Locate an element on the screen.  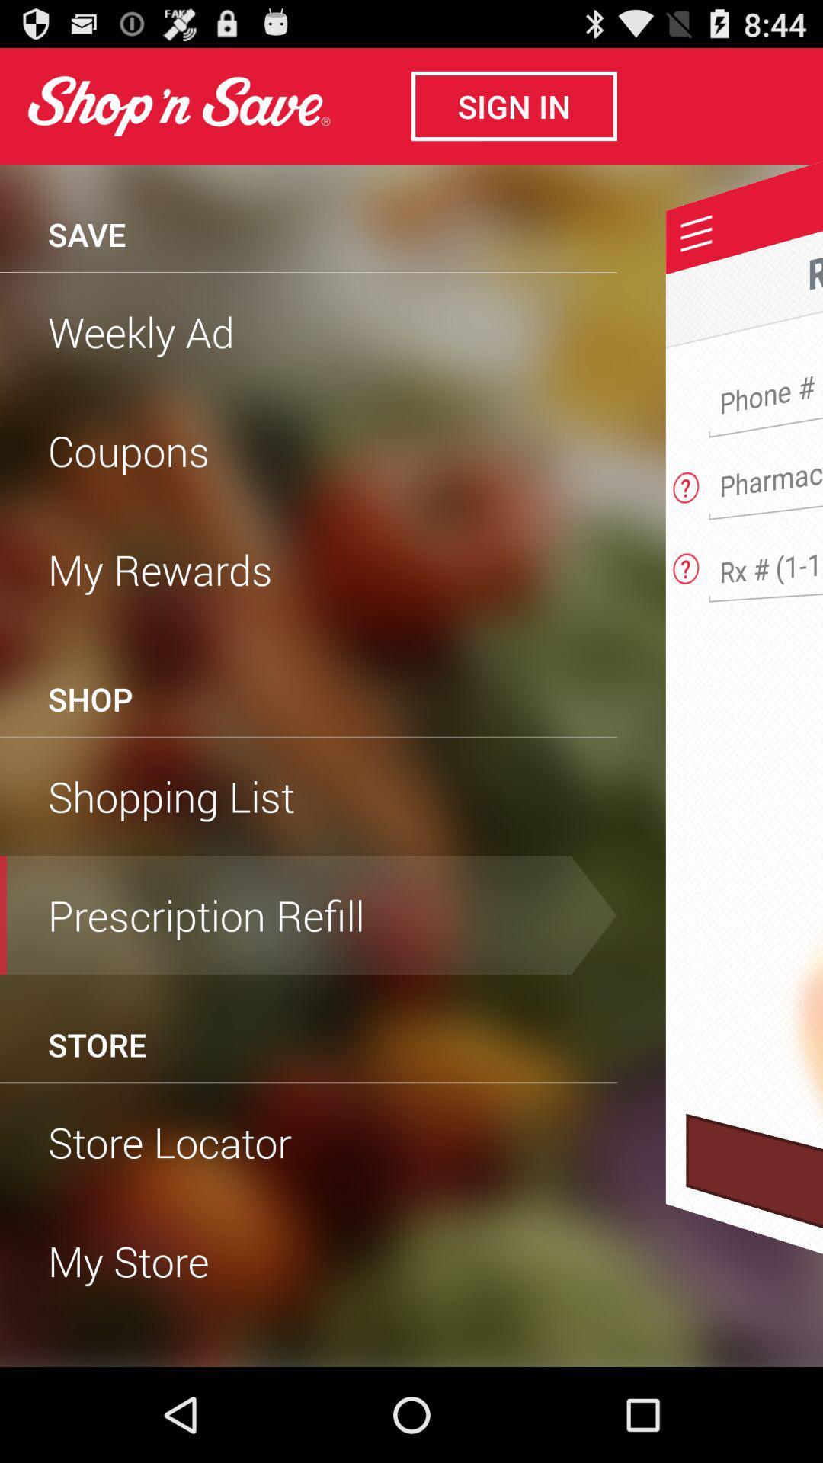
item to the left of the refill a prescription icon is located at coordinates (87, 233).